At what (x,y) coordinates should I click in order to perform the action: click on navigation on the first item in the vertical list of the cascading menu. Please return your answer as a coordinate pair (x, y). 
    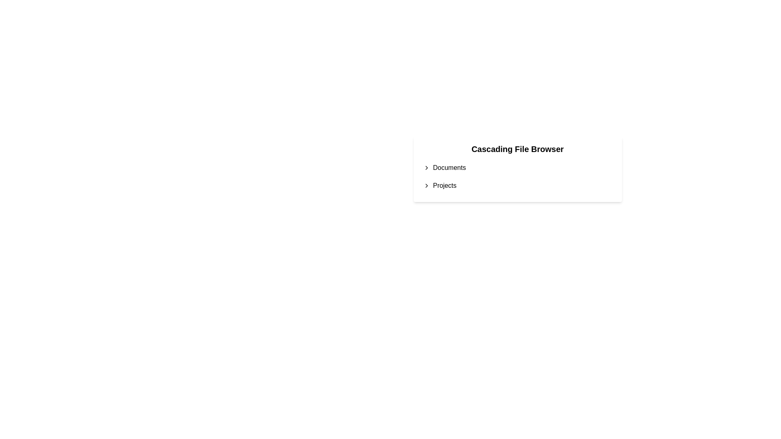
    Looking at the image, I should click on (517, 167).